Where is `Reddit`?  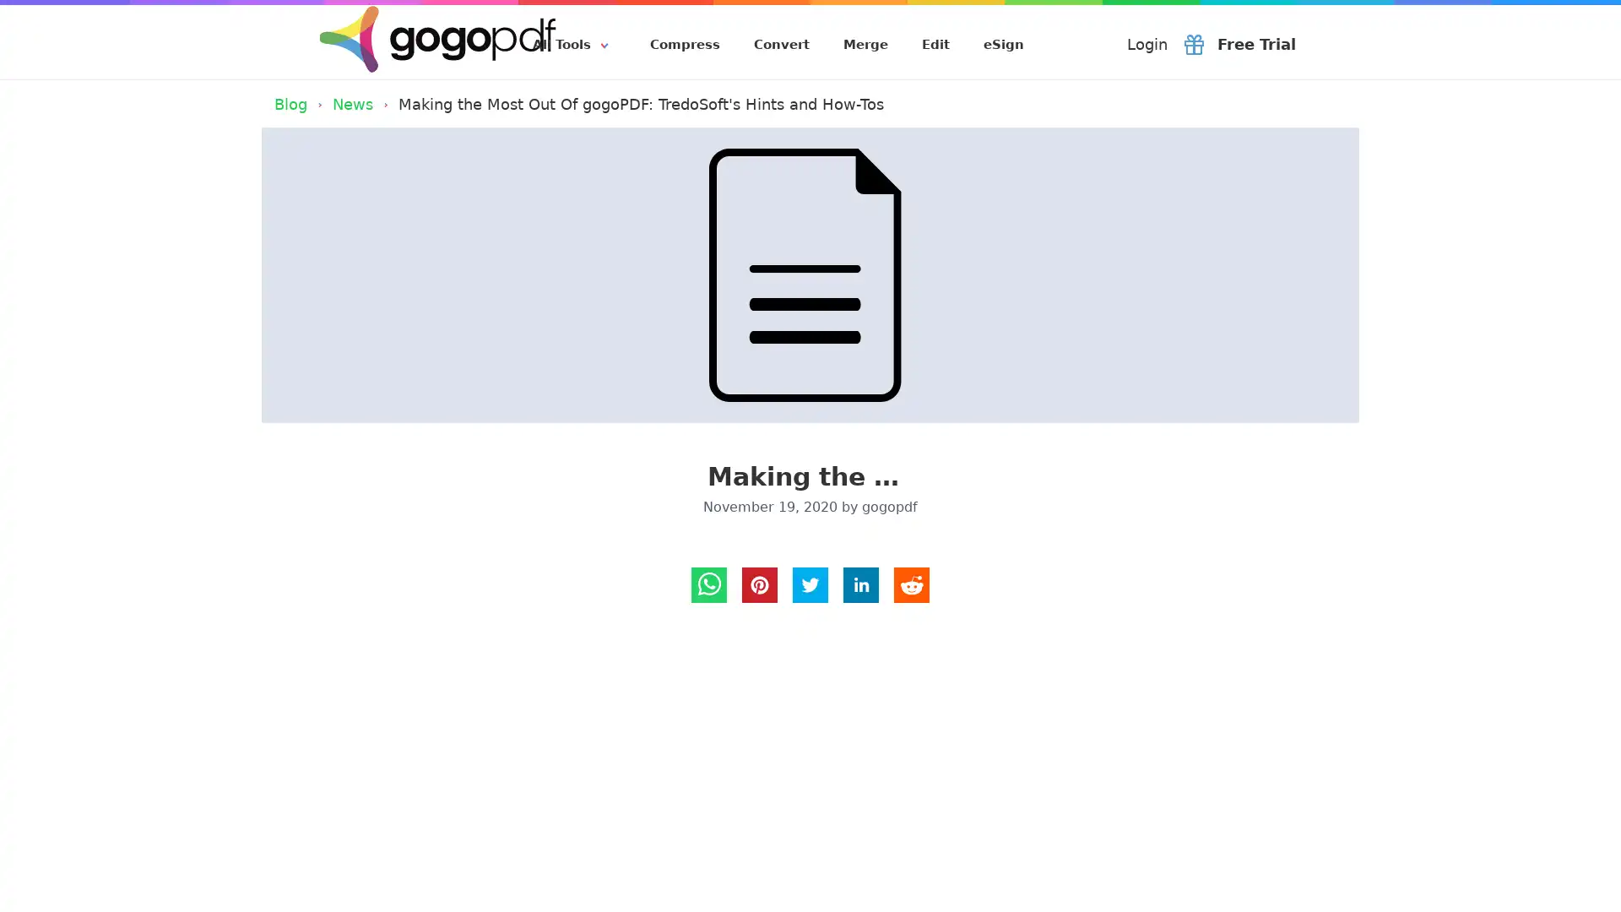 Reddit is located at coordinates (911, 584).